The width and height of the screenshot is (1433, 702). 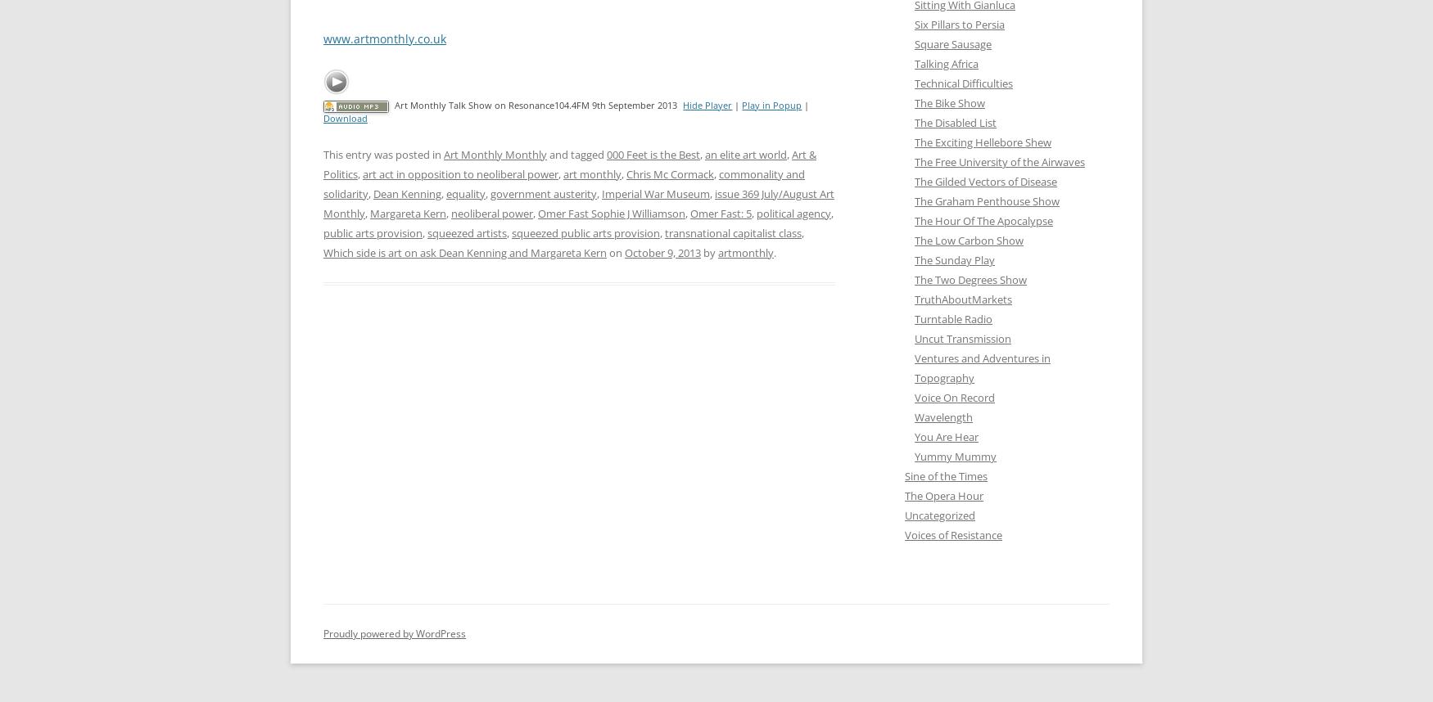 I want to click on 'Chris Mc Cormack', so click(x=670, y=173).